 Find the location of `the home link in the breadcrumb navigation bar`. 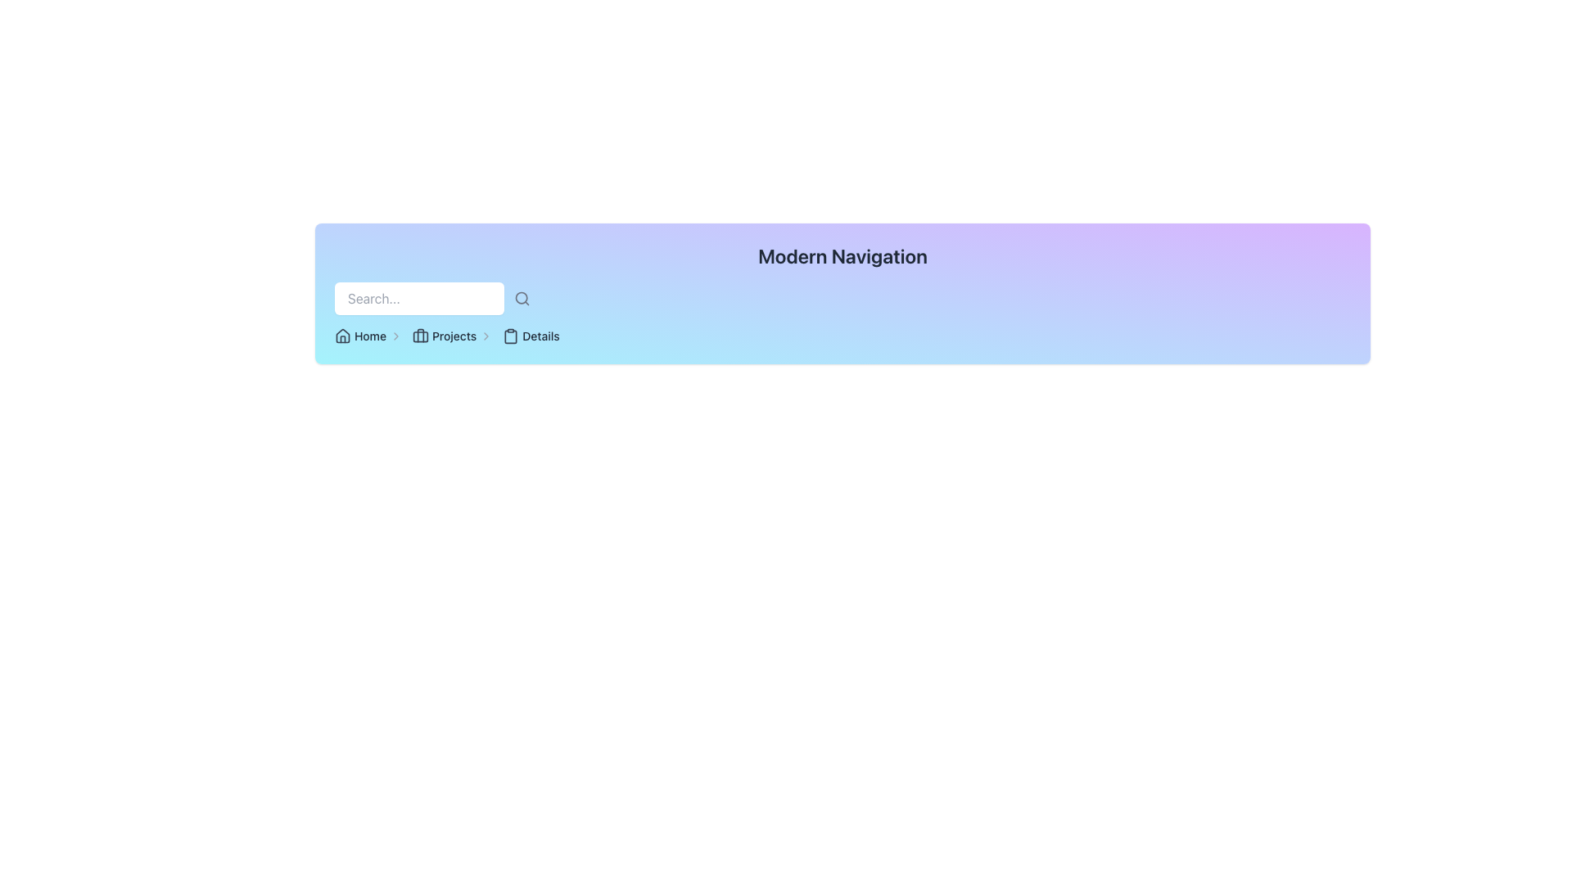

the home link in the breadcrumb navigation bar is located at coordinates (368, 336).